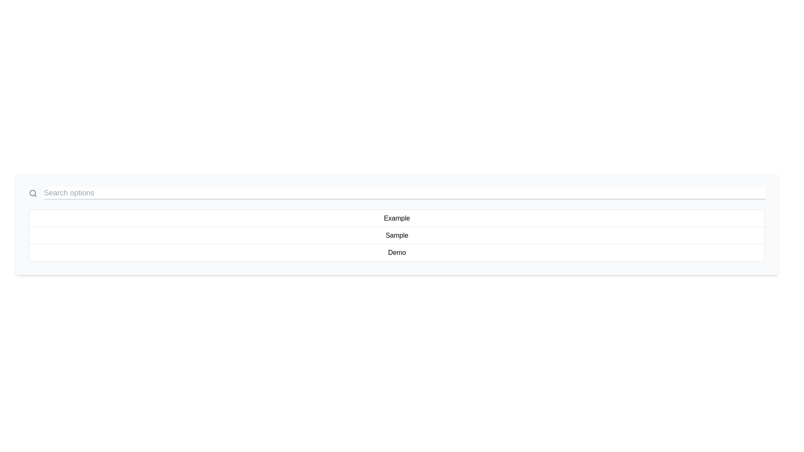  What do you see at coordinates (397, 235) in the screenshot?
I see `the second selectable row labeled 'Sample'` at bounding box center [397, 235].